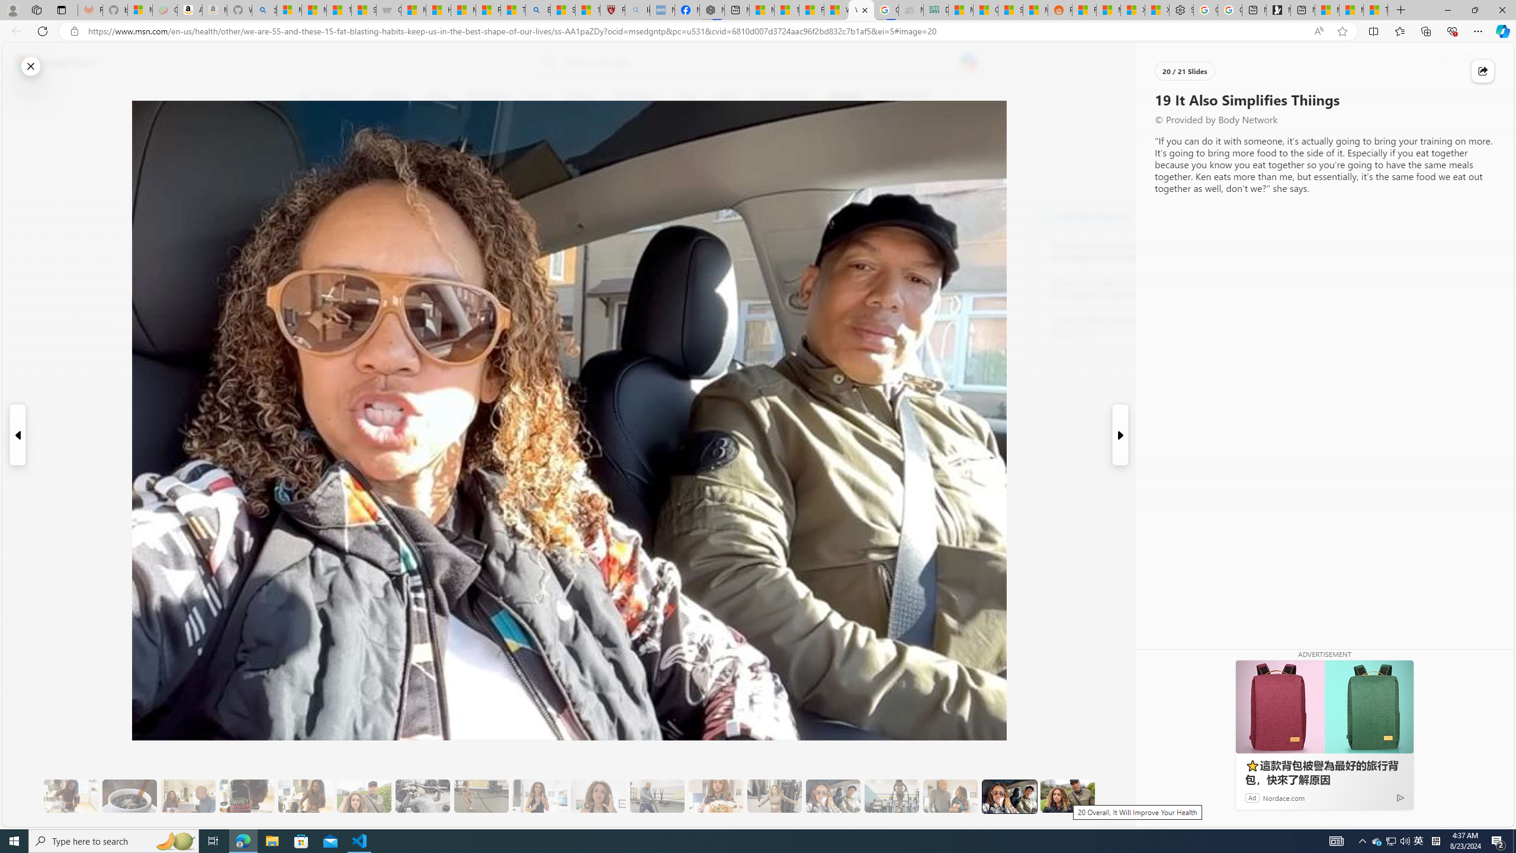 The image size is (1516, 853). I want to click on 'Recipes - MSN', so click(488, 9).